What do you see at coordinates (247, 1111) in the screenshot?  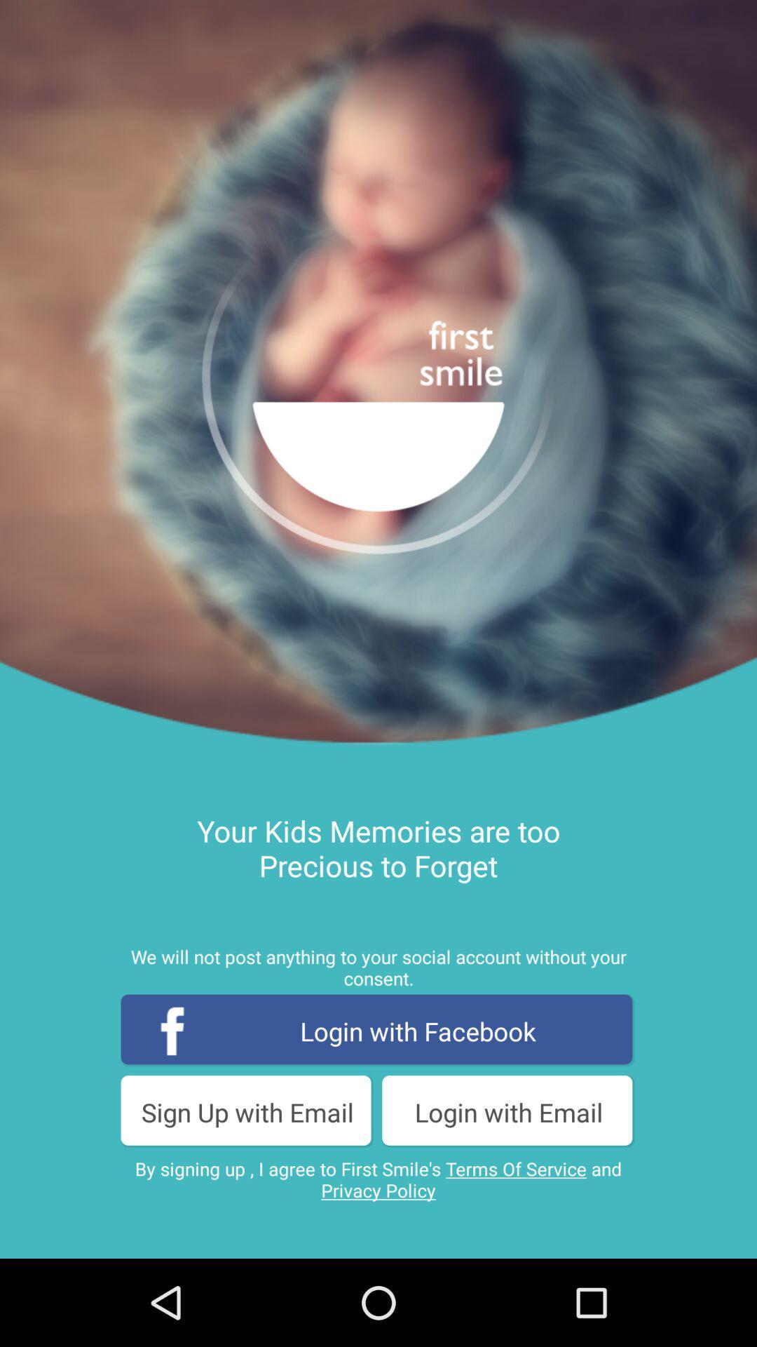 I see `sign up with item` at bounding box center [247, 1111].